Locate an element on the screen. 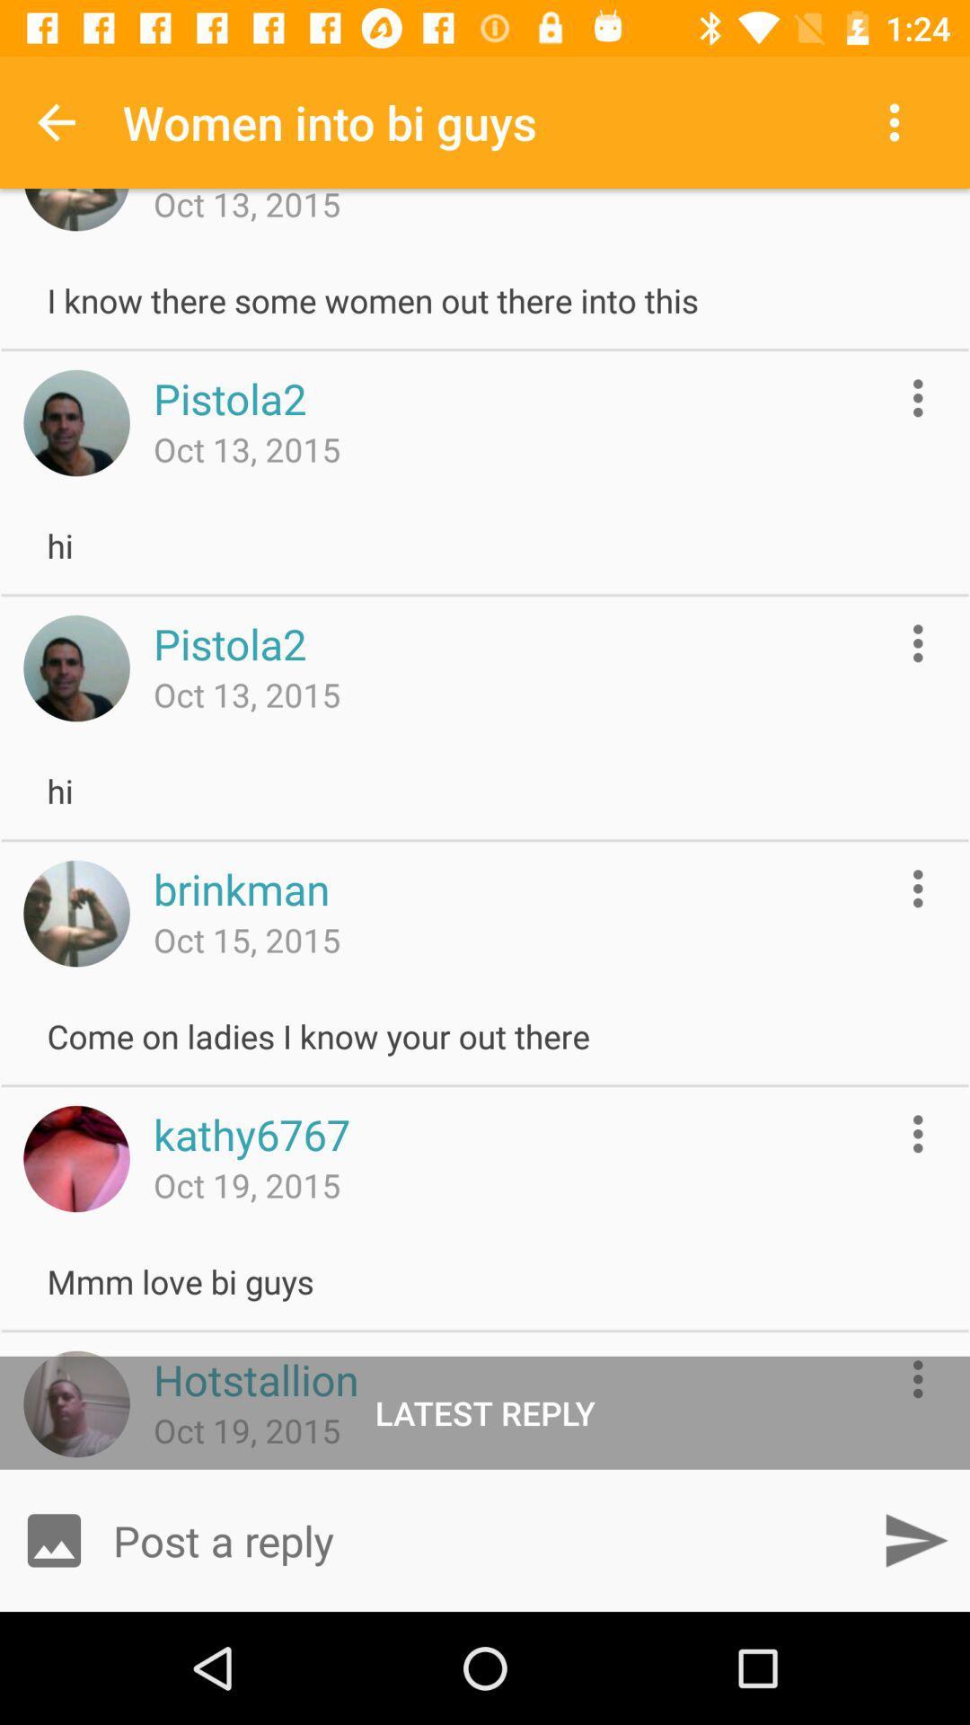  user profile is located at coordinates (75, 1403).